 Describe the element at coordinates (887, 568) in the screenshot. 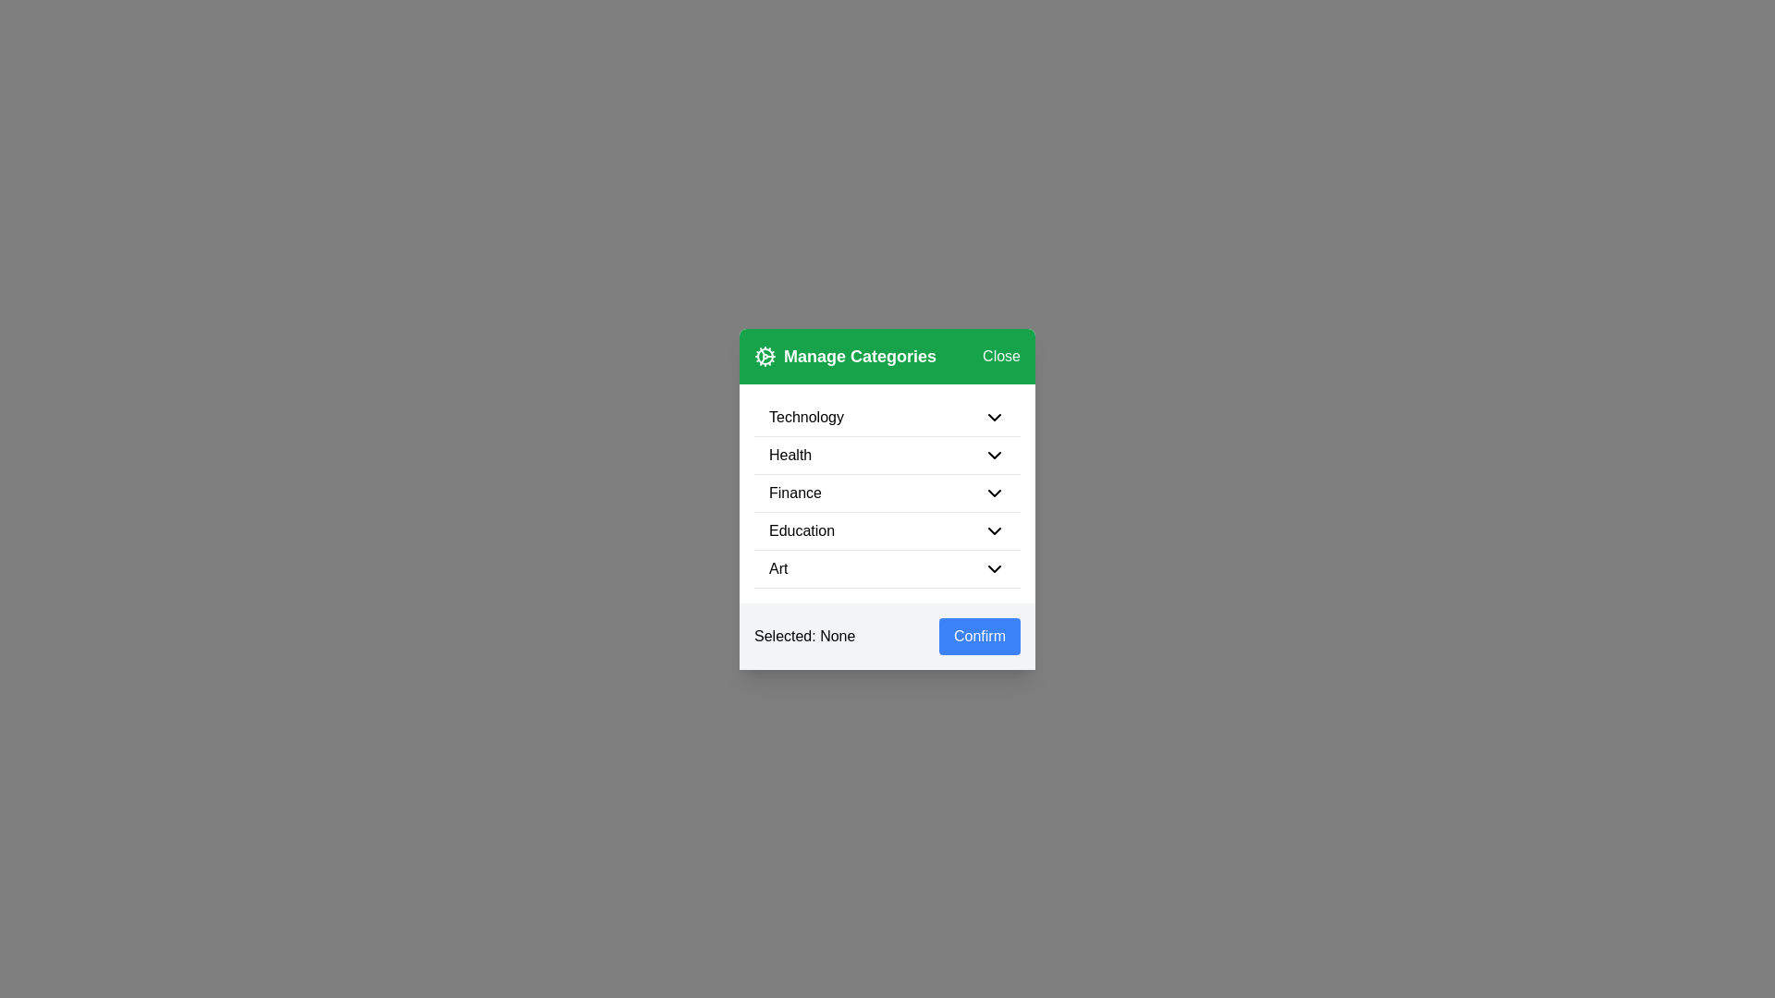

I see `the row corresponding to the category Art` at that location.